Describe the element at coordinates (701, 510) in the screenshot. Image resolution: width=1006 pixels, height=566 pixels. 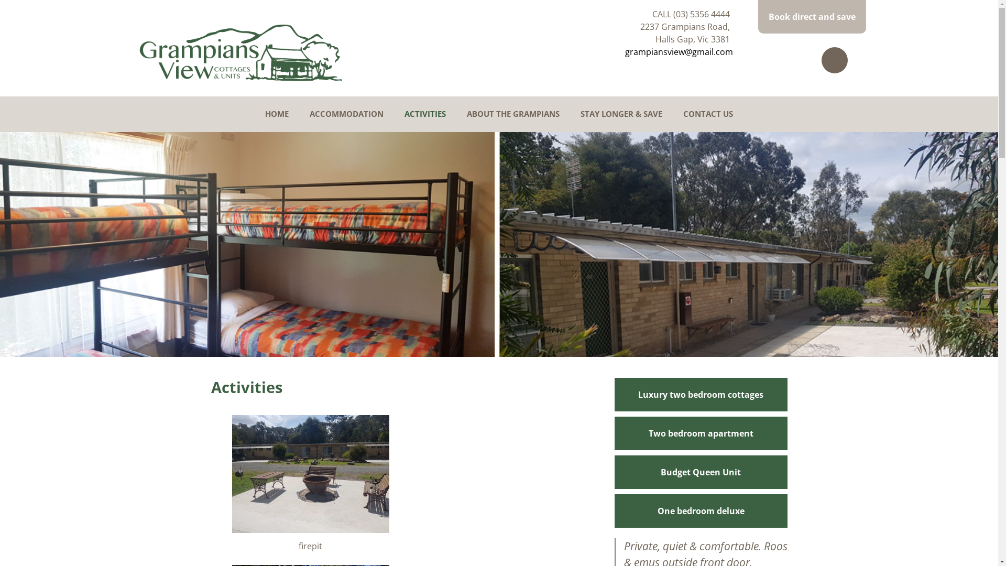
I see `'One bedroom deluxe'` at that location.